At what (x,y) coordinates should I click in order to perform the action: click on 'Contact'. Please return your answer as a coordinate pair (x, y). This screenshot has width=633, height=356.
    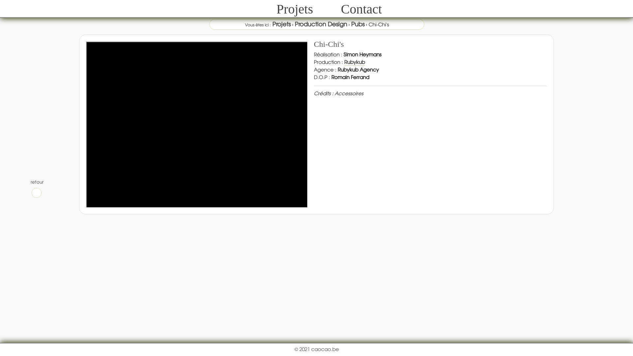
    Looking at the image, I should click on (361, 9).